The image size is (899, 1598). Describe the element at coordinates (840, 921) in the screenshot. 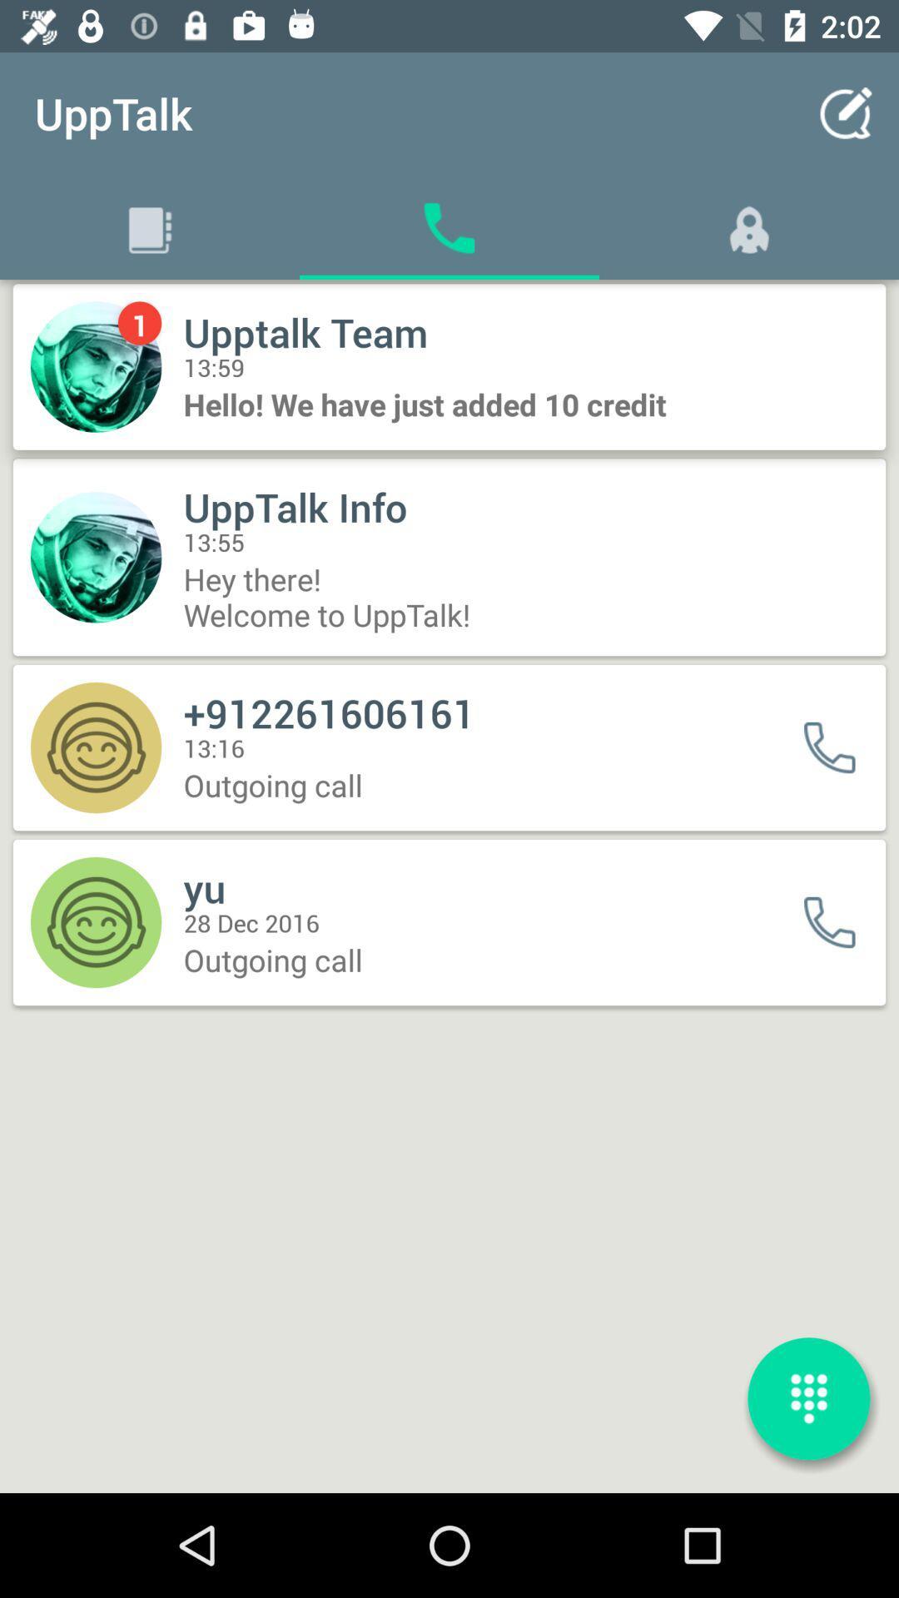

I see `dial user` at that location.